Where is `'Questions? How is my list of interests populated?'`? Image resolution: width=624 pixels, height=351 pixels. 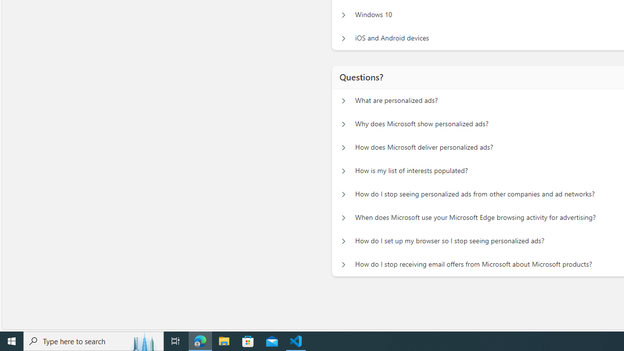
'Questions? How is my list of interests populated?' is located at coordinates (343, 171).